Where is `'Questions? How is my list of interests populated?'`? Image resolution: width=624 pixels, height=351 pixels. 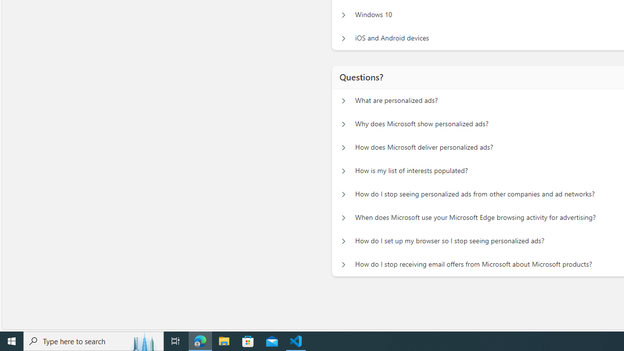
'Questions? How is my list of interests populated?' is located at coordinates (343, 171).